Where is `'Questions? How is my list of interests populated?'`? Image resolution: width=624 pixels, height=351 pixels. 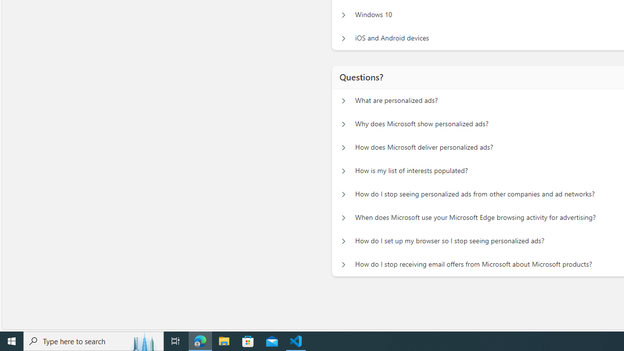
'Questions? How is my list of interests populated?' is located at coordinates (343, 171).